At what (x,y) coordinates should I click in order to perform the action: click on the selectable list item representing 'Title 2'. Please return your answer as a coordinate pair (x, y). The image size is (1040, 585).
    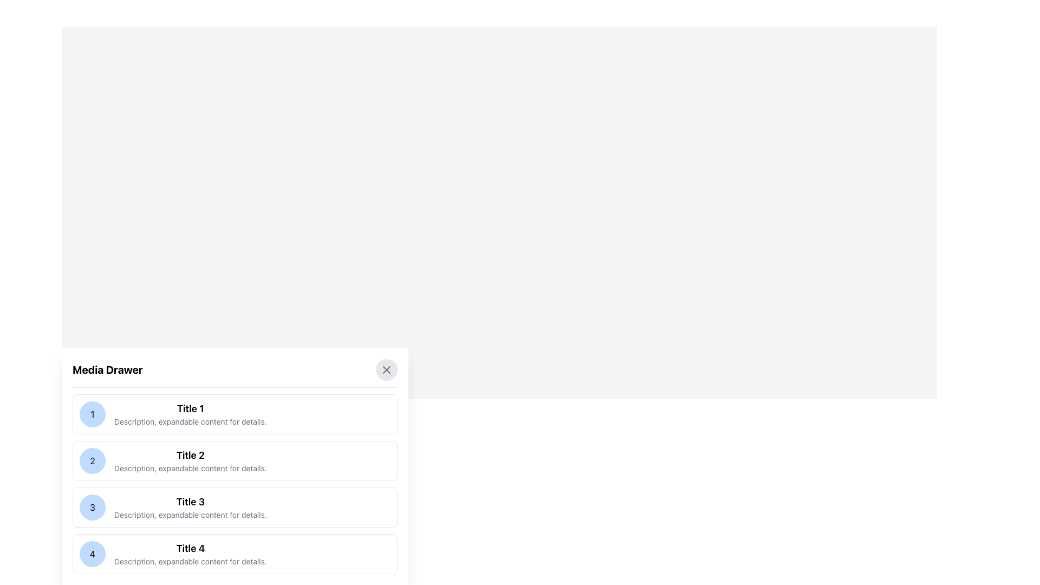
    Looking at the image, I should click on (234, 484).